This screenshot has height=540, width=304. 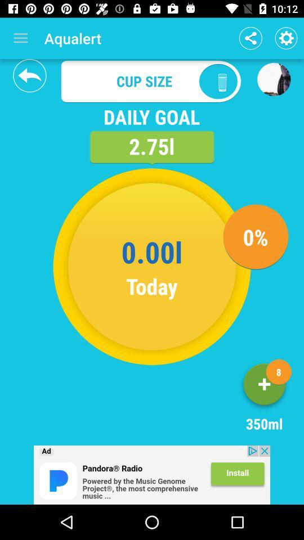 I want to click on the reply icon, so click(x=29, y=75).